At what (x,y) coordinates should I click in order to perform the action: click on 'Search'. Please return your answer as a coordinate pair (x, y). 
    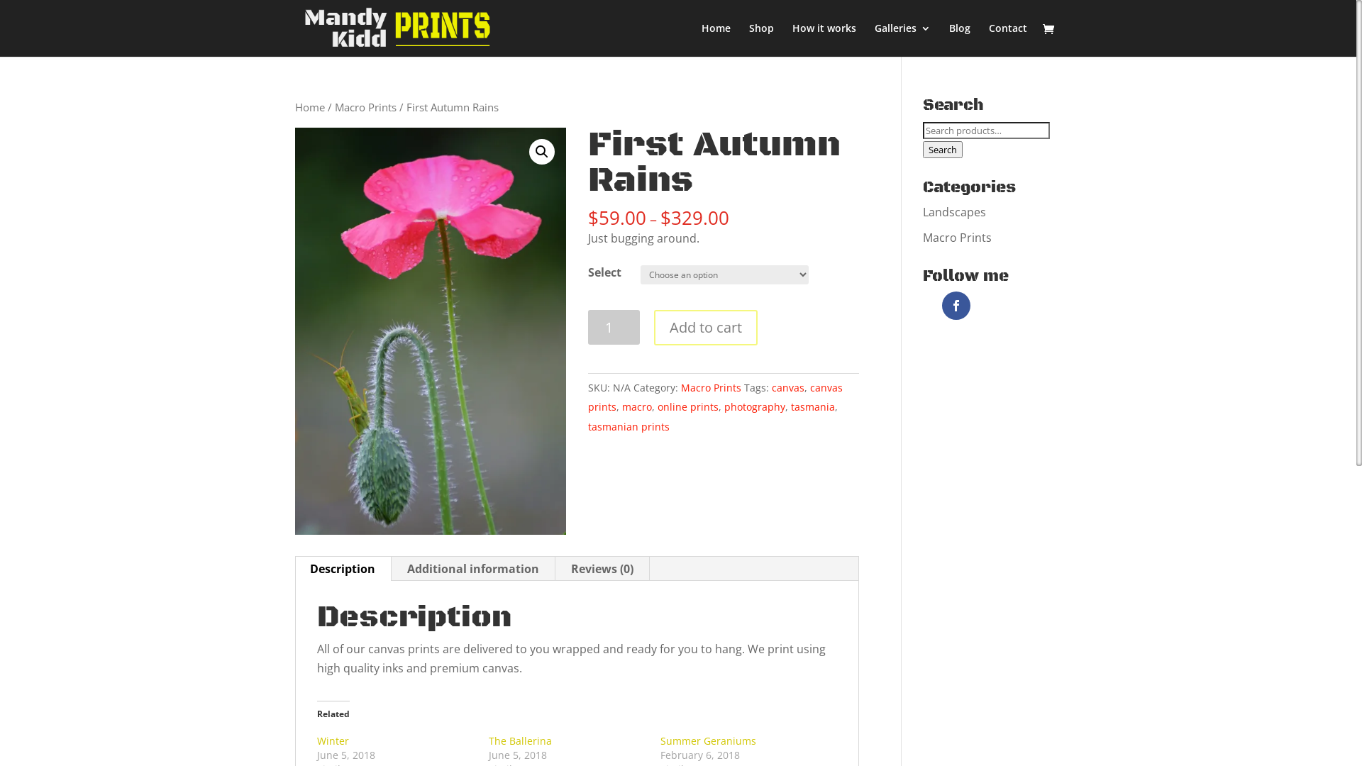
    Looking at the image, I should click on (943, 150).